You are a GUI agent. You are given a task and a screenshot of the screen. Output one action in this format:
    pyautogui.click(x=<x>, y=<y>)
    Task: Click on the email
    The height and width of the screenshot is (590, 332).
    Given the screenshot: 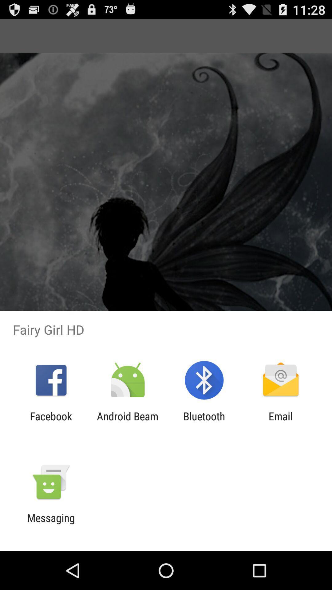 What is the action you would take?
    pyautogui.click(x=281, y=422)
    